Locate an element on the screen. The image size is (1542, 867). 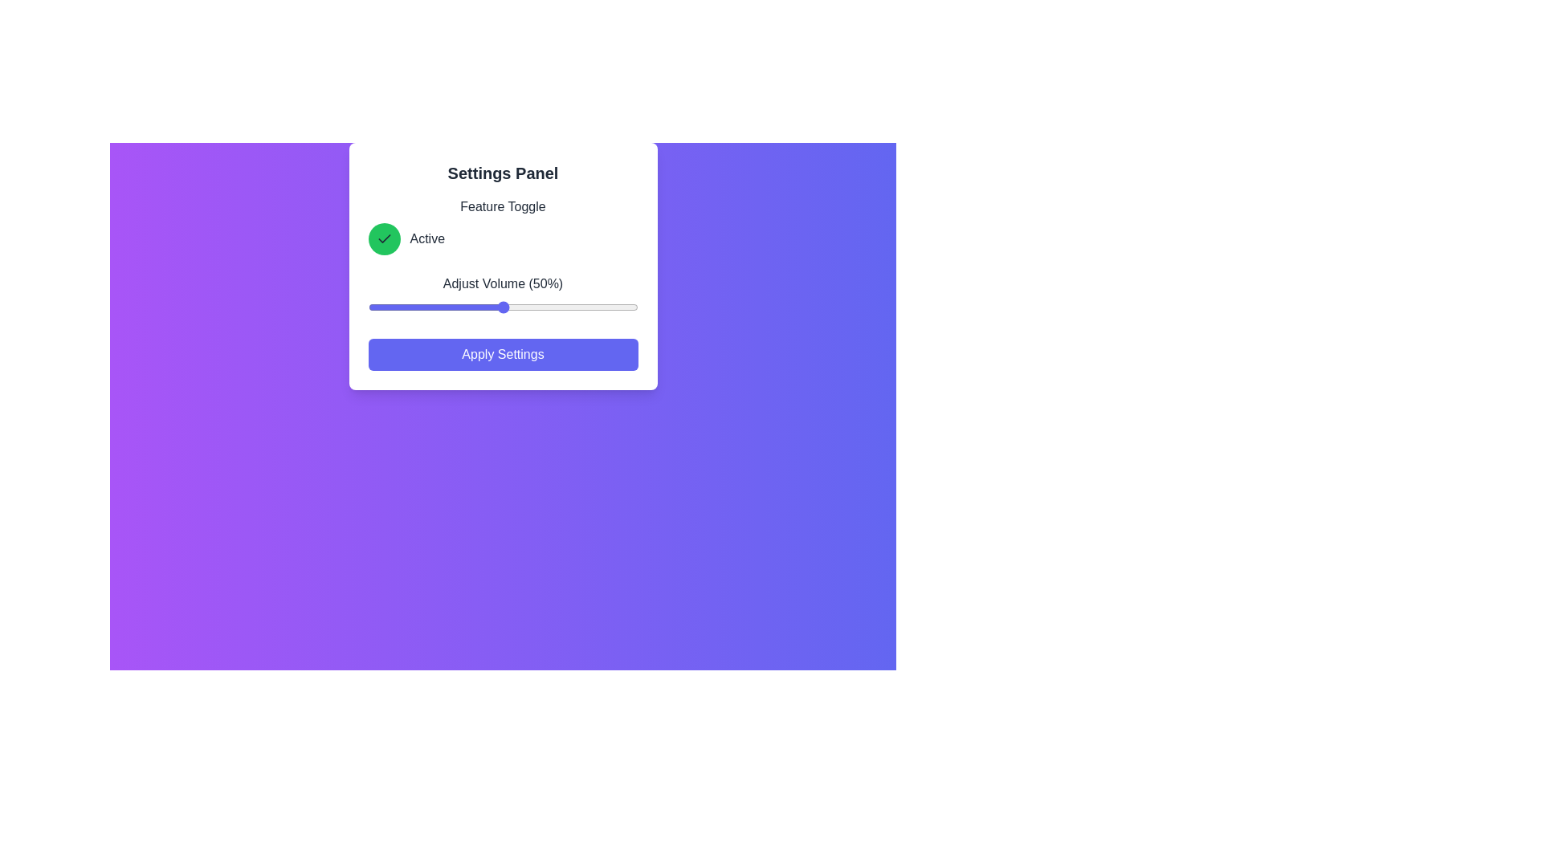
volume is located at coordinates (602, 307).